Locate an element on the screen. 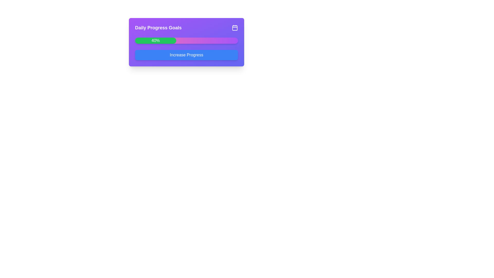 This screenshot has width=494, height=278. the rectangular graphical component of the calendar icon located in the top-right corner of the 'Daily Progress Goals' card is located at coordinates (234, 28).